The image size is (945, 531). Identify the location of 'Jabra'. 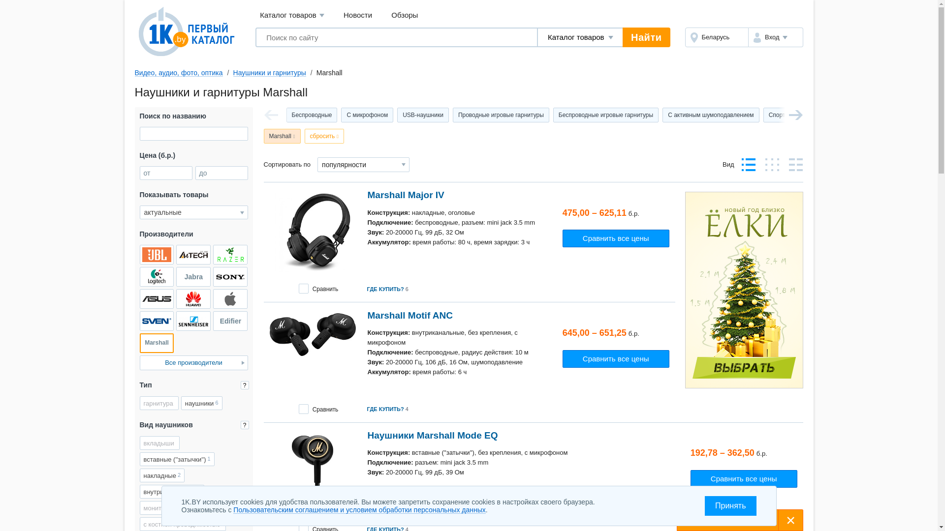
(193, 277).